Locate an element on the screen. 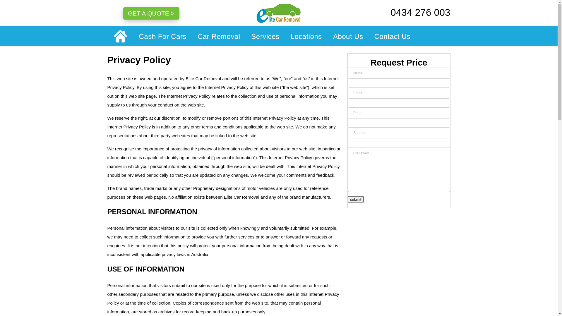 Image resolution: width=562 pixels, height=316 pixels. 'Home' is located at coordinates (120, 36).